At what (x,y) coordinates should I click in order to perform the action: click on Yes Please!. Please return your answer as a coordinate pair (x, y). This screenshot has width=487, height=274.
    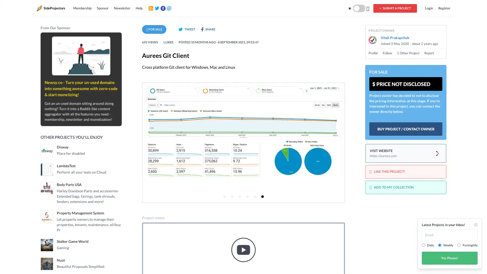
    Looking at the image, I should click on (449, 258).